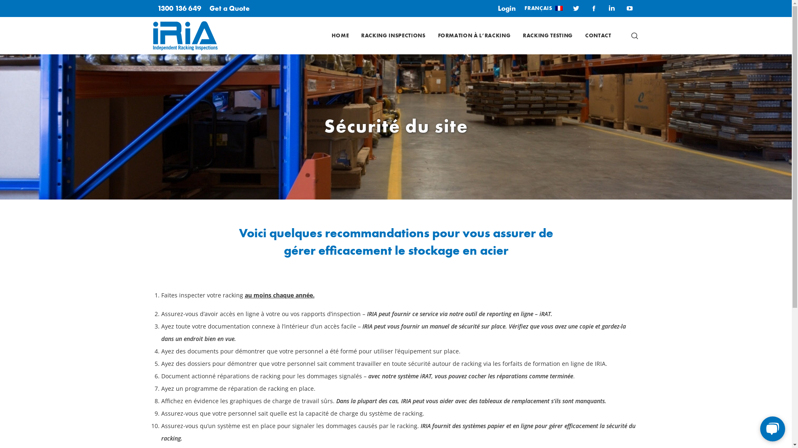 This screenshot has height=448, width=798. I want to click on 'RACKING INSPECTIONS', so click(392, 35).